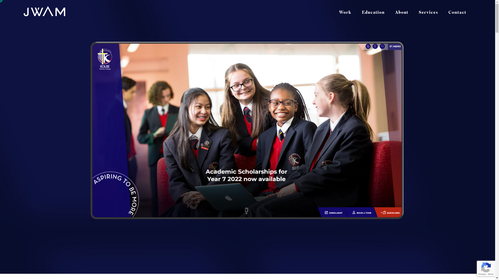 The width and height of the screenshot is (499, 280). I want to click on 'Services', so click(428, 11).